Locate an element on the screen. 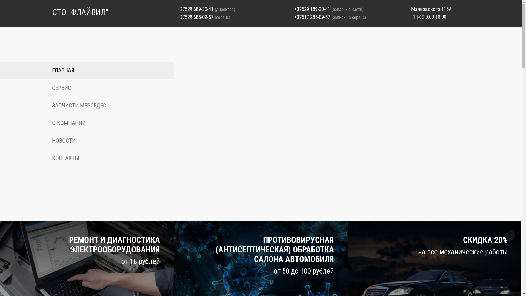 Image resolution: width=526 pixels, height=296 pixels. '+37529 689-30-41' is located at coordinates (195, 9).